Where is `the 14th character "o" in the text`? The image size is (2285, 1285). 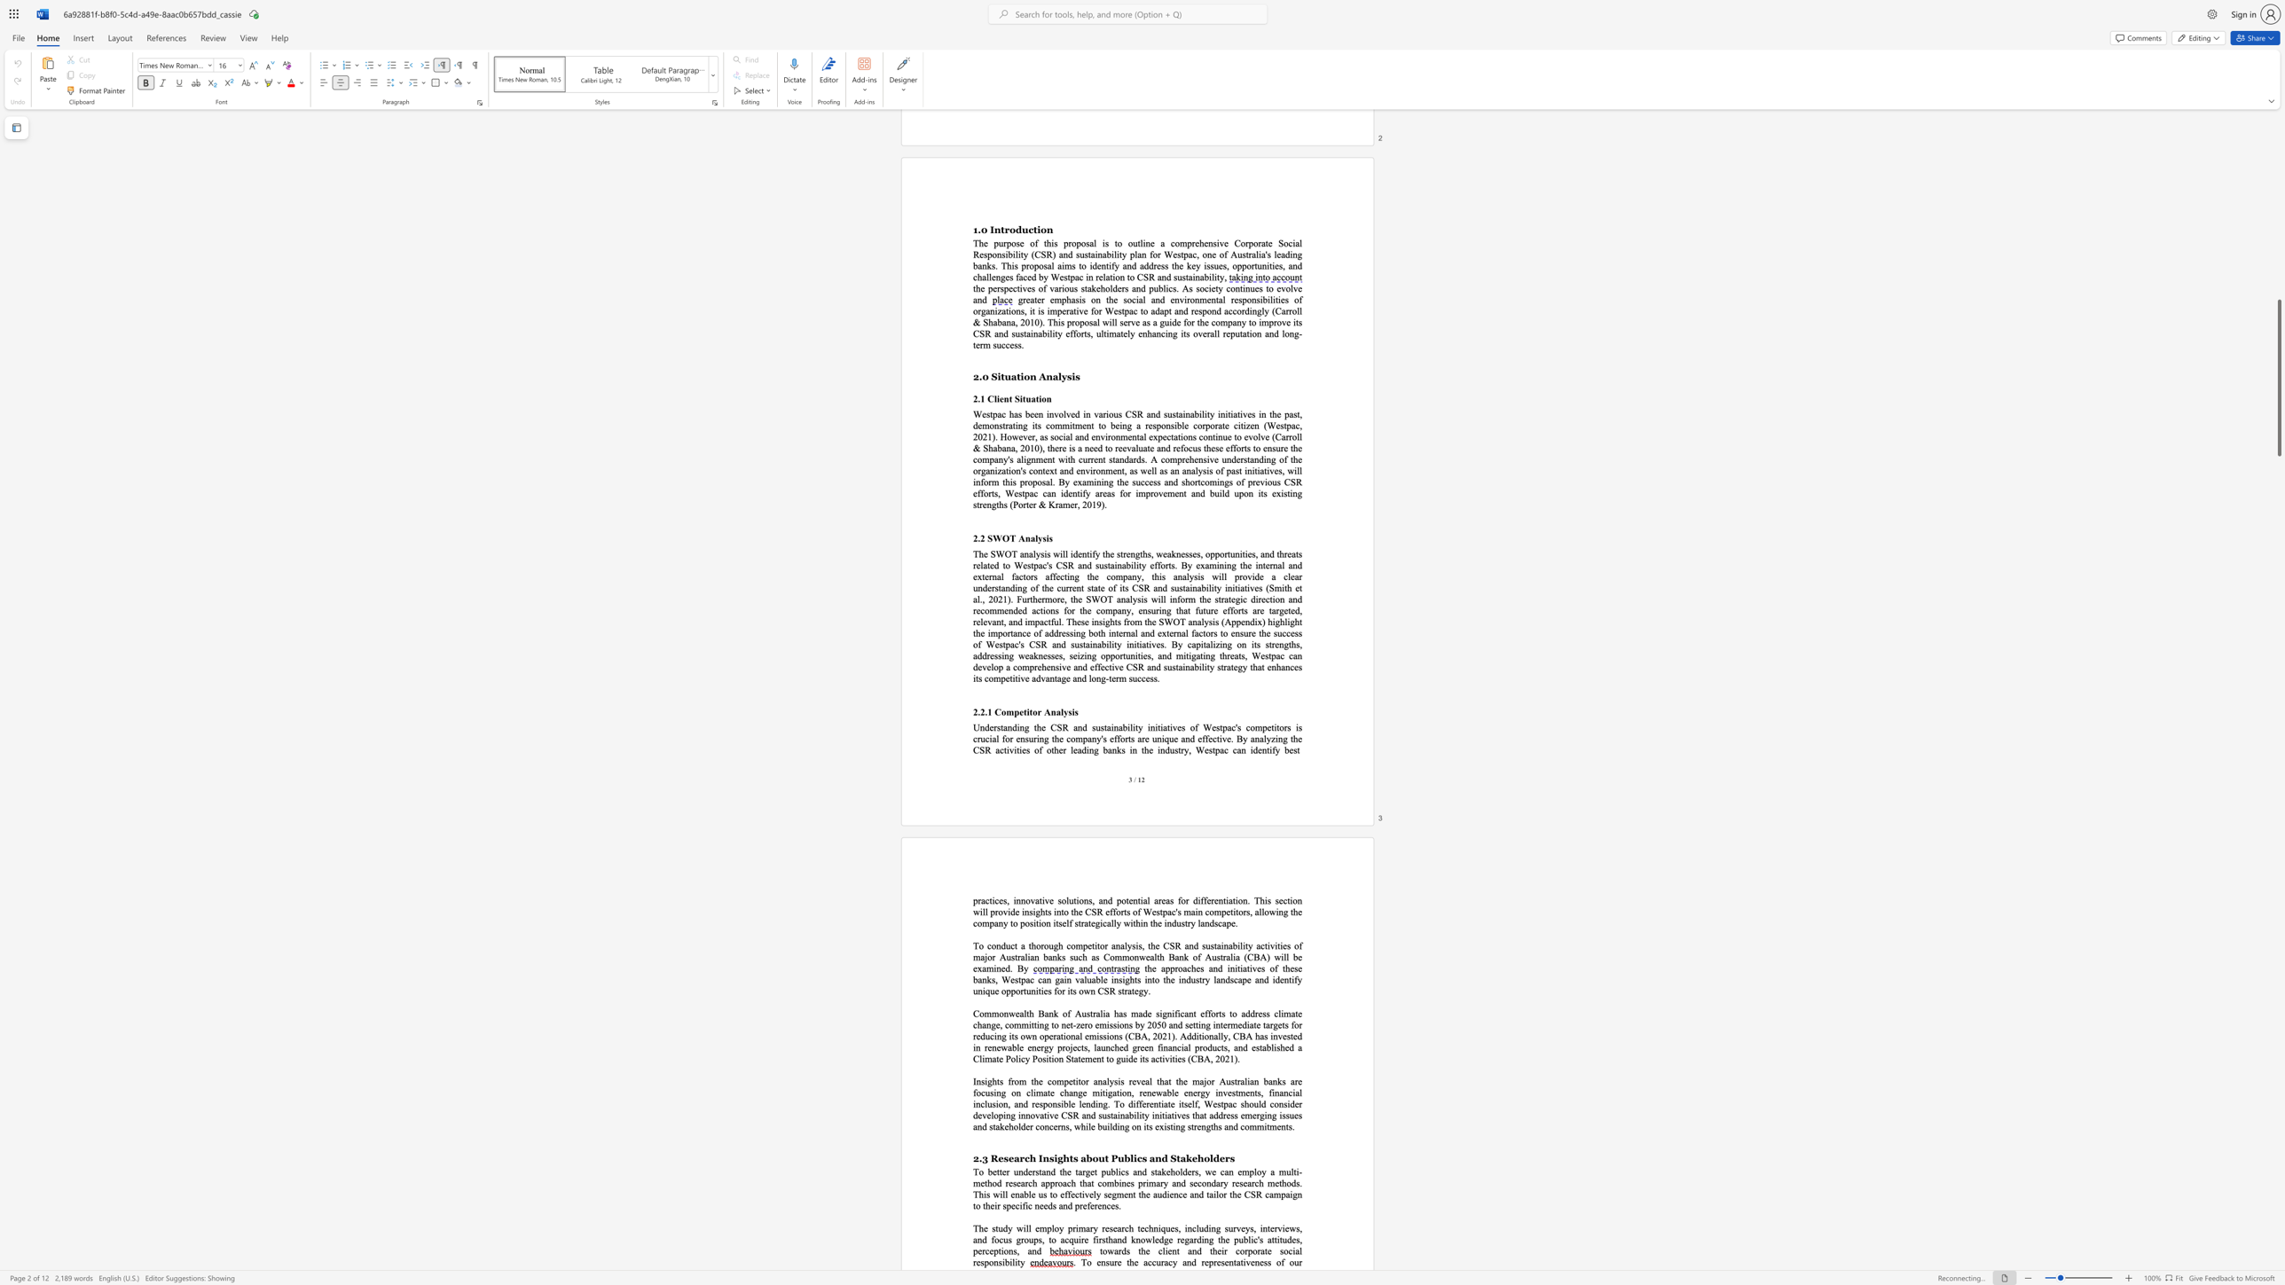 the 14th character "o" in the text is located at coordinates (1111, 1037).